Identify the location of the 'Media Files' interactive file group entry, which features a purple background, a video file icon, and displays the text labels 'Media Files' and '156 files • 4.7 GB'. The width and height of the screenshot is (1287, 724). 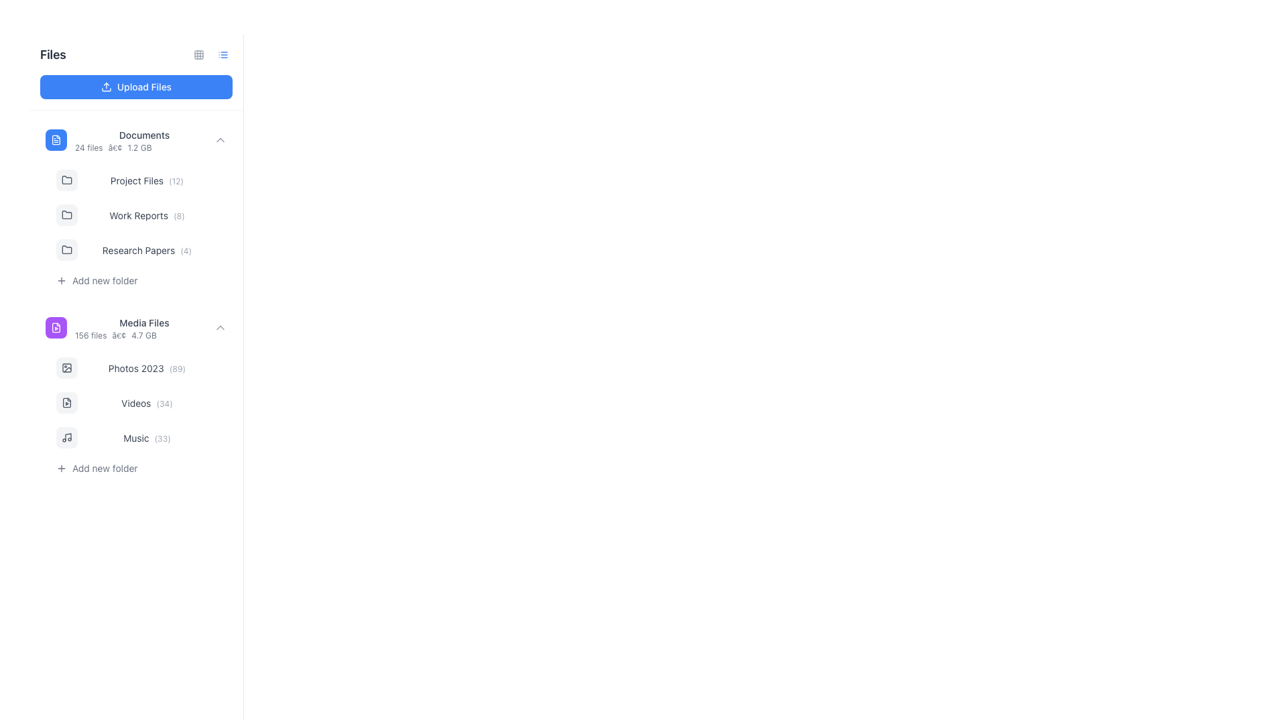
(136, 328).